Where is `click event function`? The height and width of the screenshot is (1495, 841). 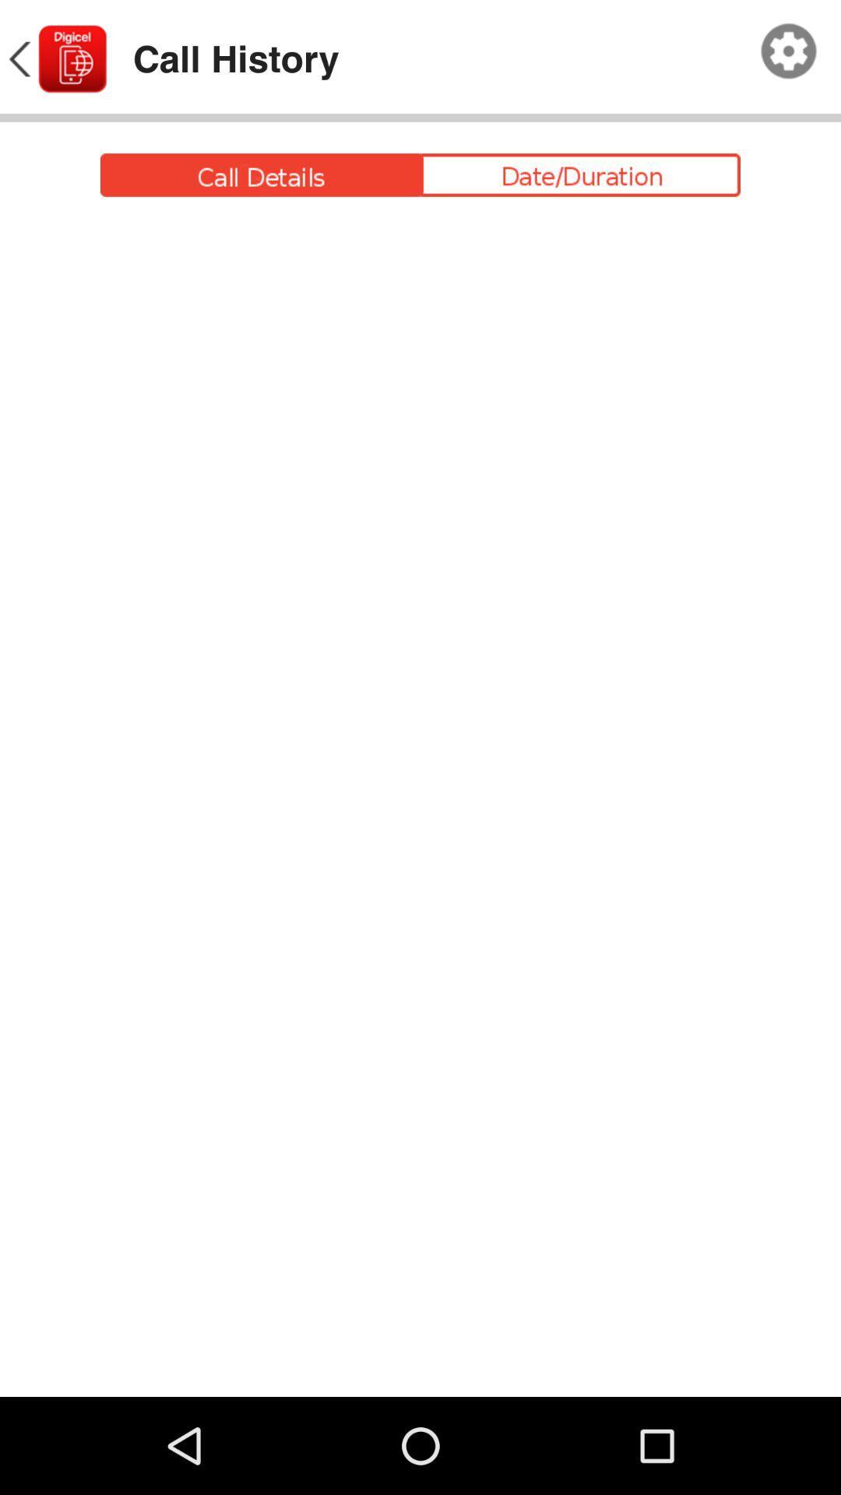
click event function is located at coordinates (420, 175).